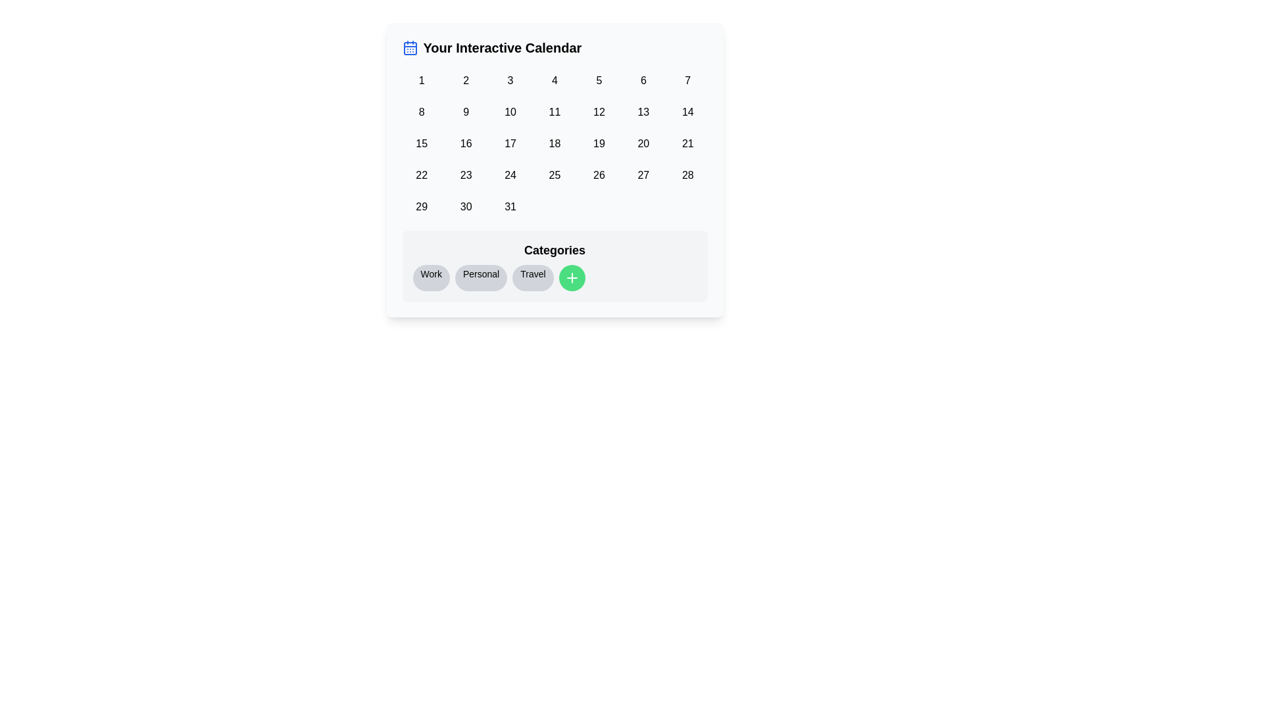 The height and width of the screenshot is (710, 1263). What do you see at coordinates (422, 111) in the screenshot?
I see `the calendar day tile button displaying the number '8'` at bounding box center [422, 111].